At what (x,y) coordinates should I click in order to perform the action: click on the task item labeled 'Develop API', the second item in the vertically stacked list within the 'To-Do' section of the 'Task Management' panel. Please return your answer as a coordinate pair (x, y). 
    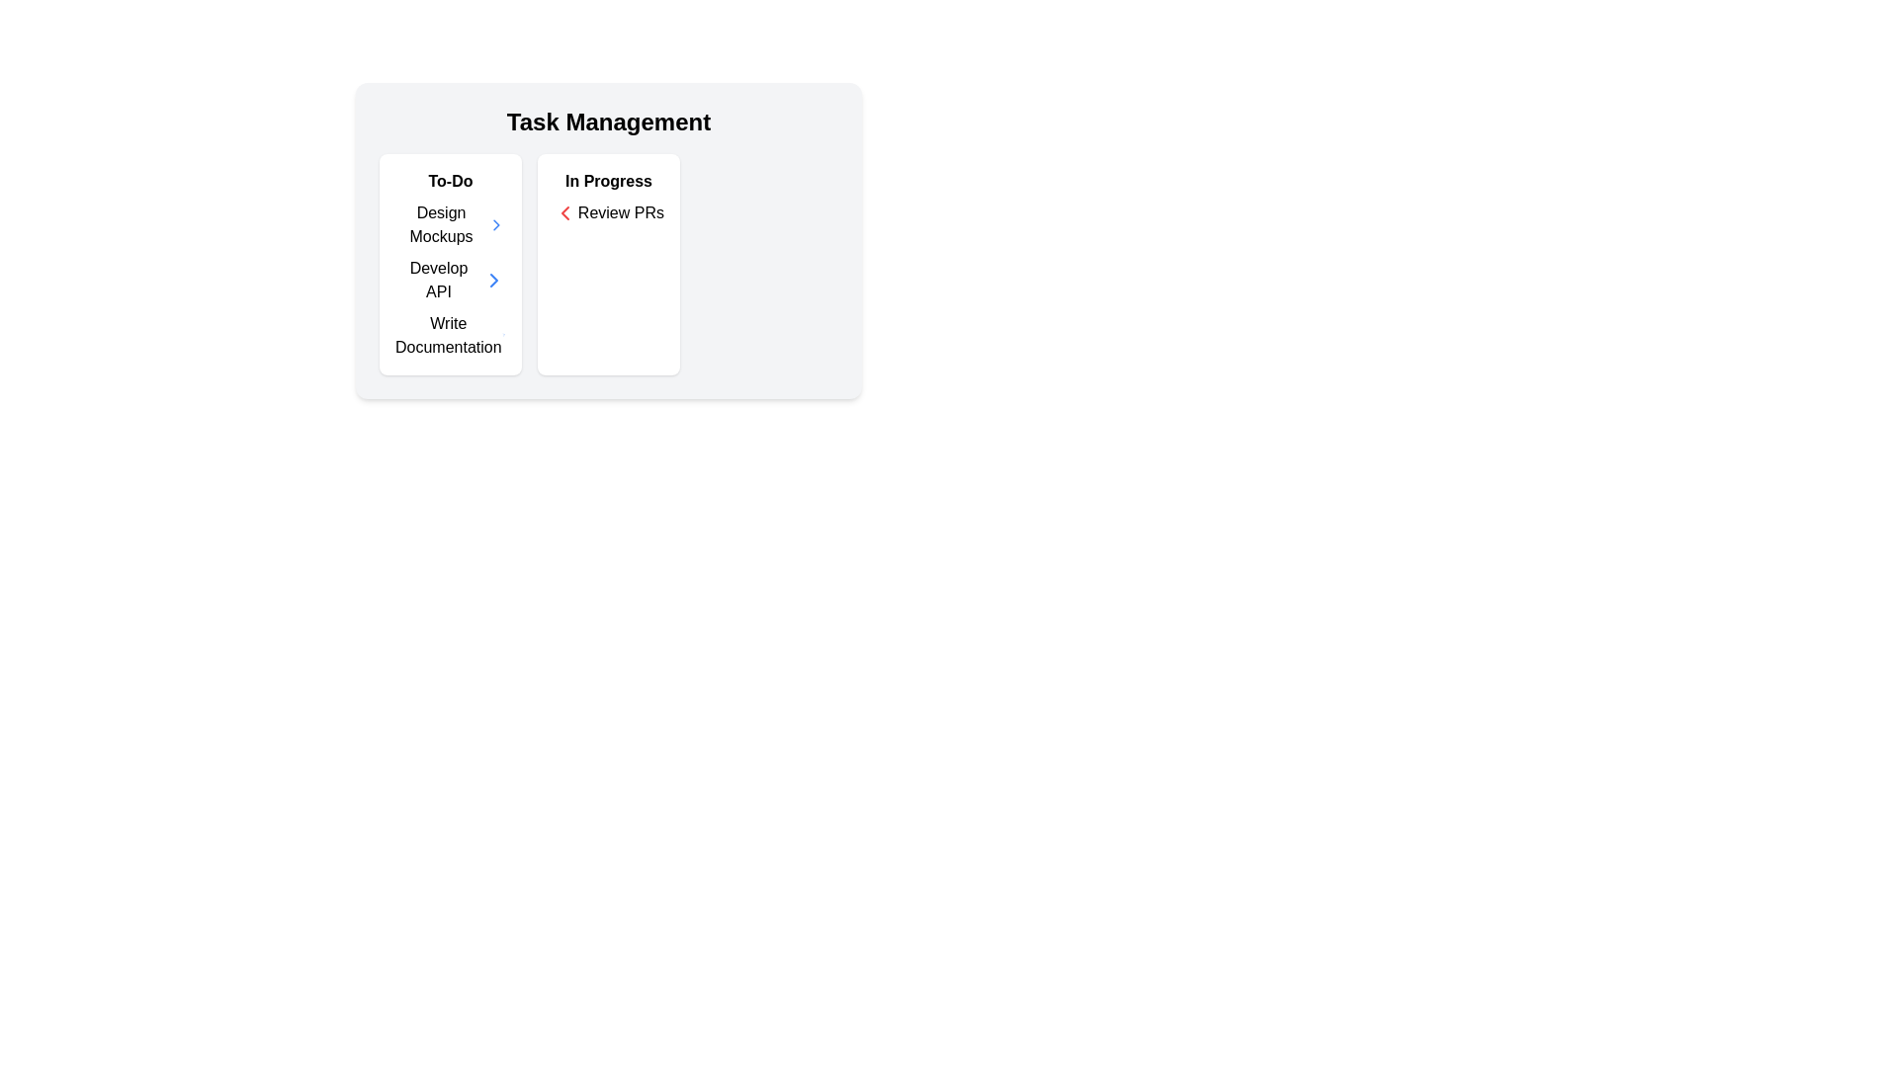
    Looking at the image, I should click on (450, 281).